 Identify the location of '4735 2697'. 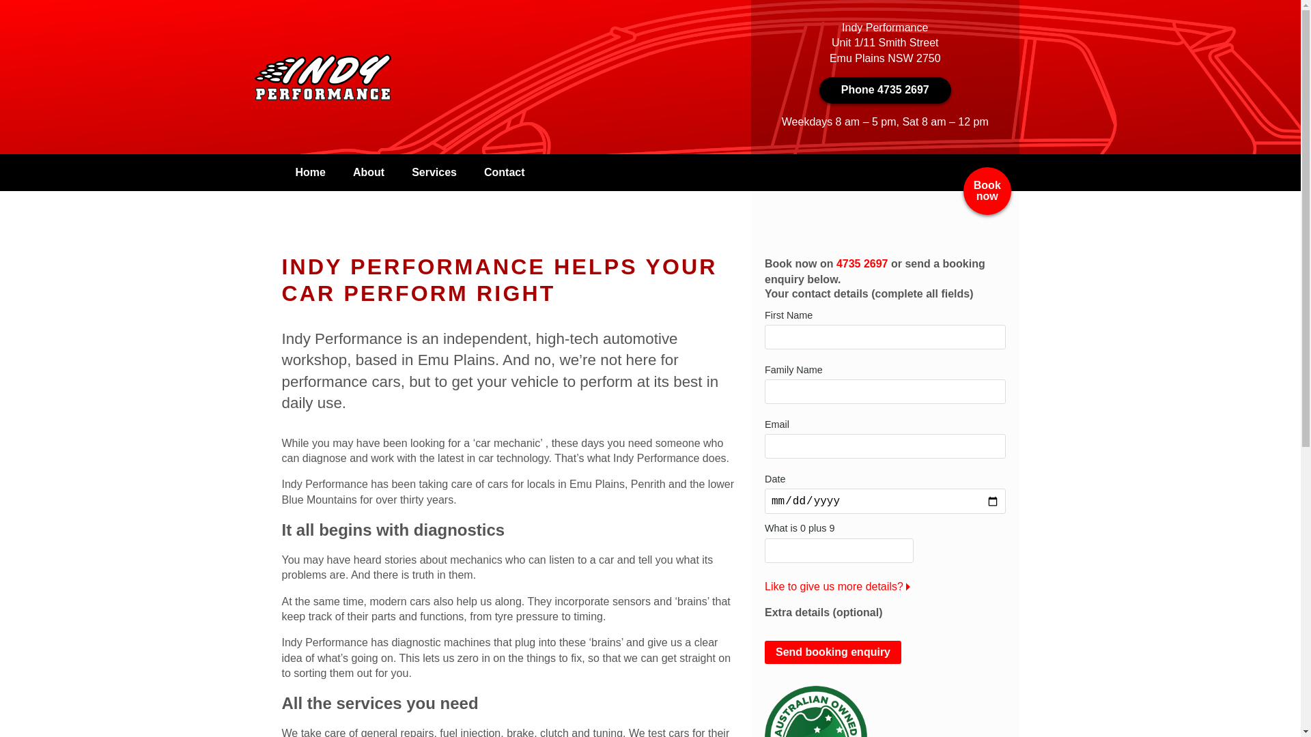
(861, 263).